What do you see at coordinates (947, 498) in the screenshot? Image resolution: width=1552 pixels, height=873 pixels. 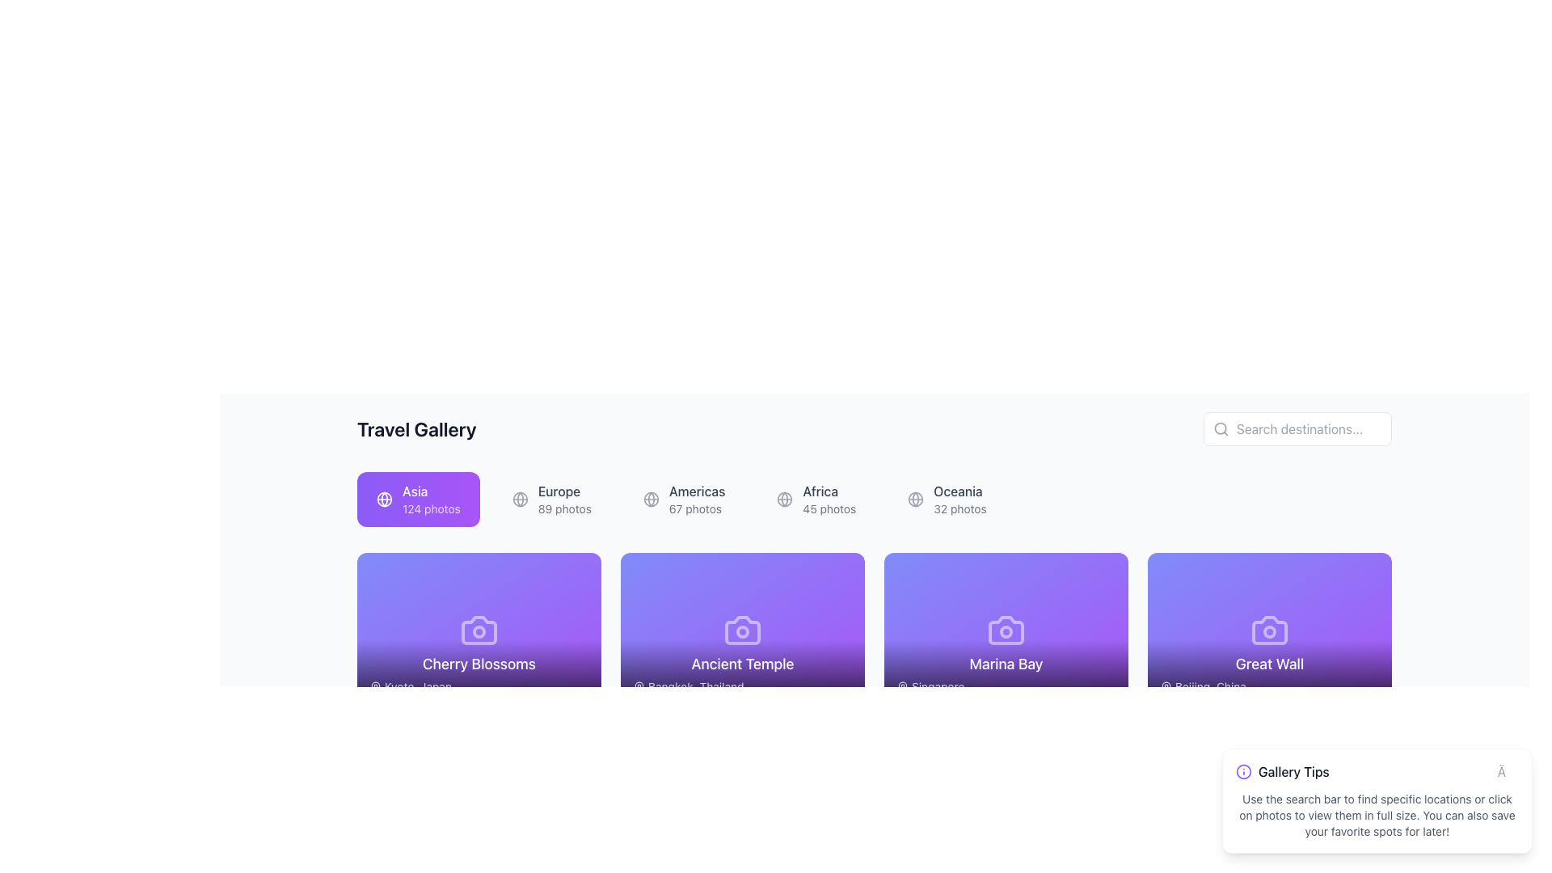 I see `the button labeled 'Oceania' with a globe icon, located at the far right of a horizontal row of buttons` at bounding box center [947, 498].